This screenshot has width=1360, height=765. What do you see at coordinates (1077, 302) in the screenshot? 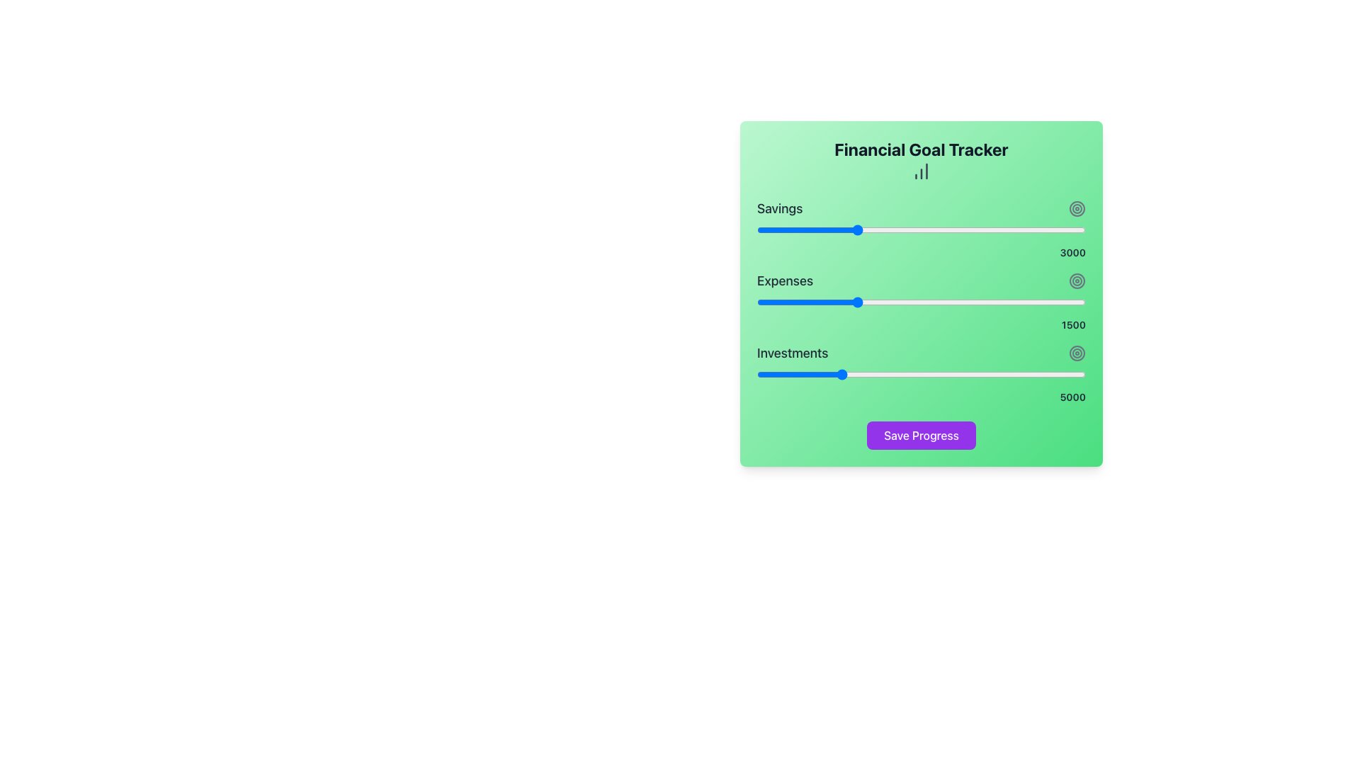
I see `the expense value` at bounding box center [1077, 302].